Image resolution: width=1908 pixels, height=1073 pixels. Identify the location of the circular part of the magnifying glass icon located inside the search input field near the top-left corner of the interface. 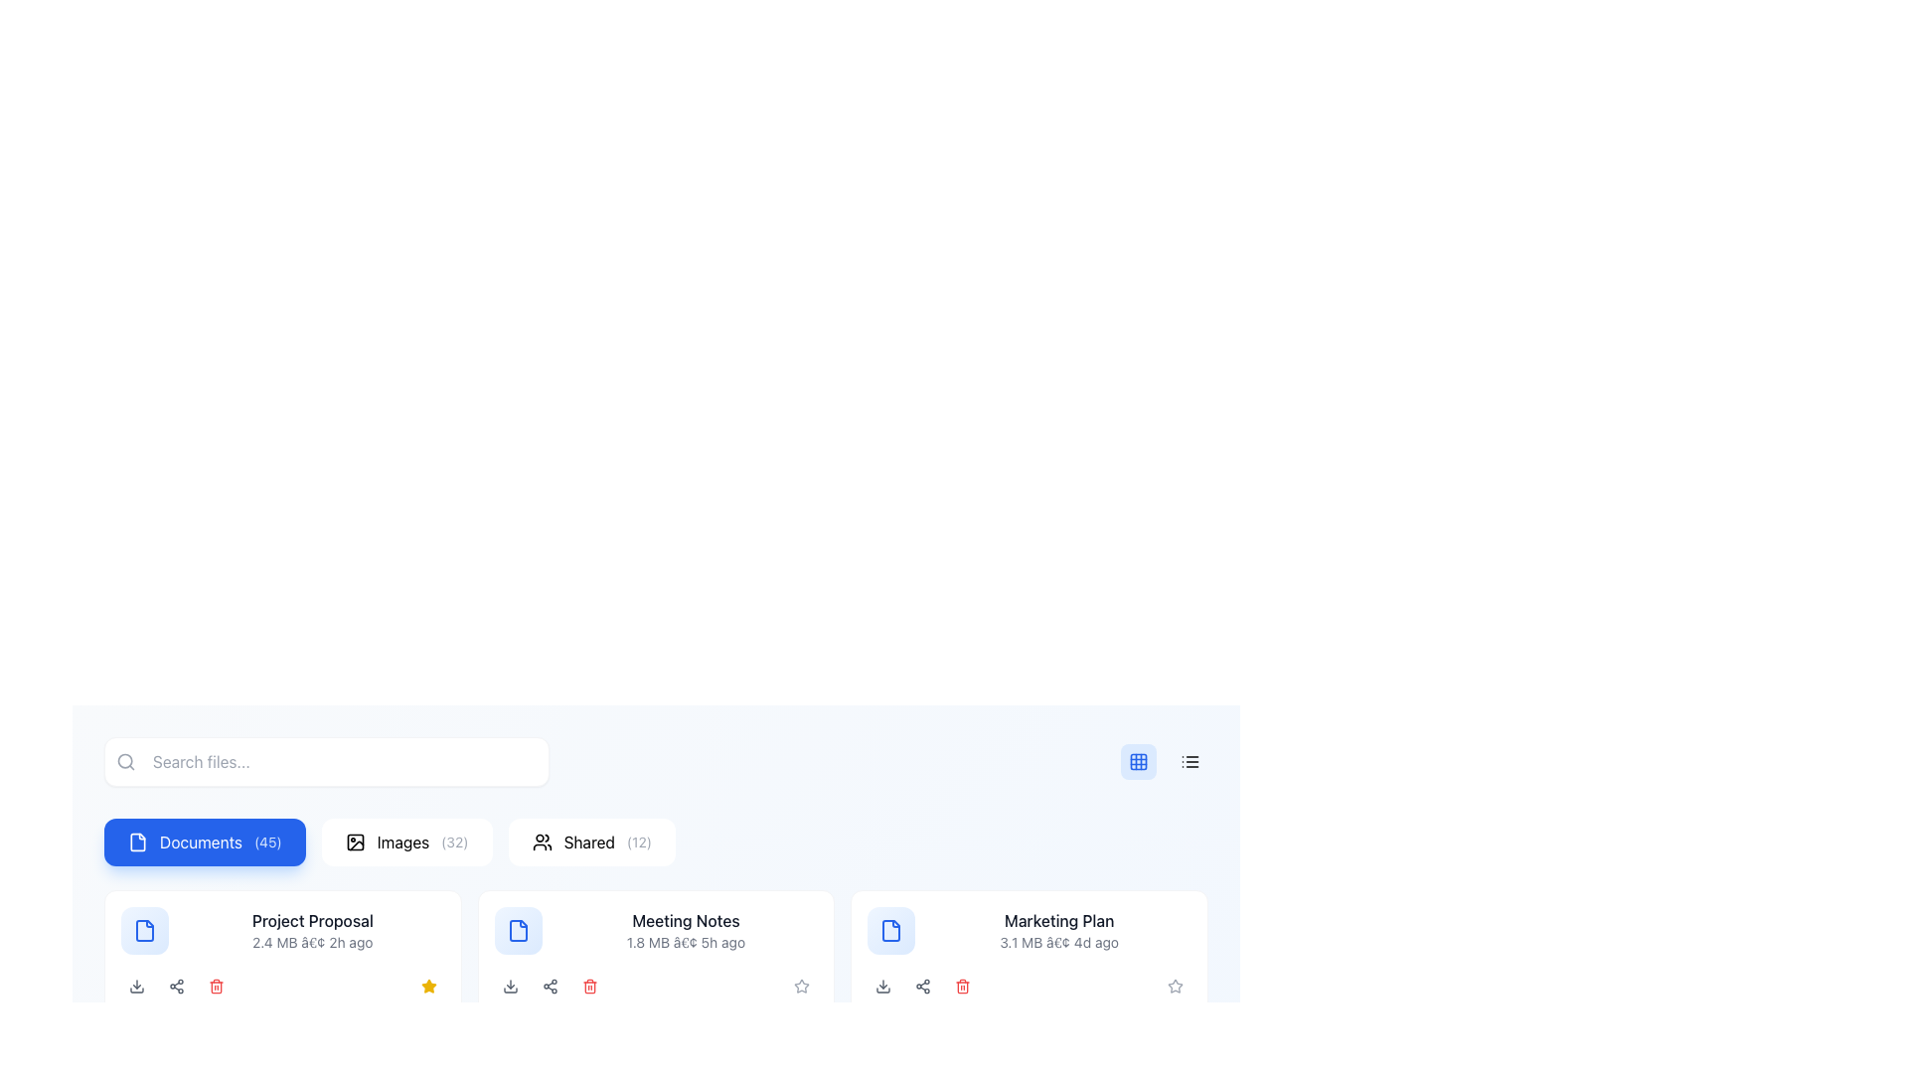
(124, 760).